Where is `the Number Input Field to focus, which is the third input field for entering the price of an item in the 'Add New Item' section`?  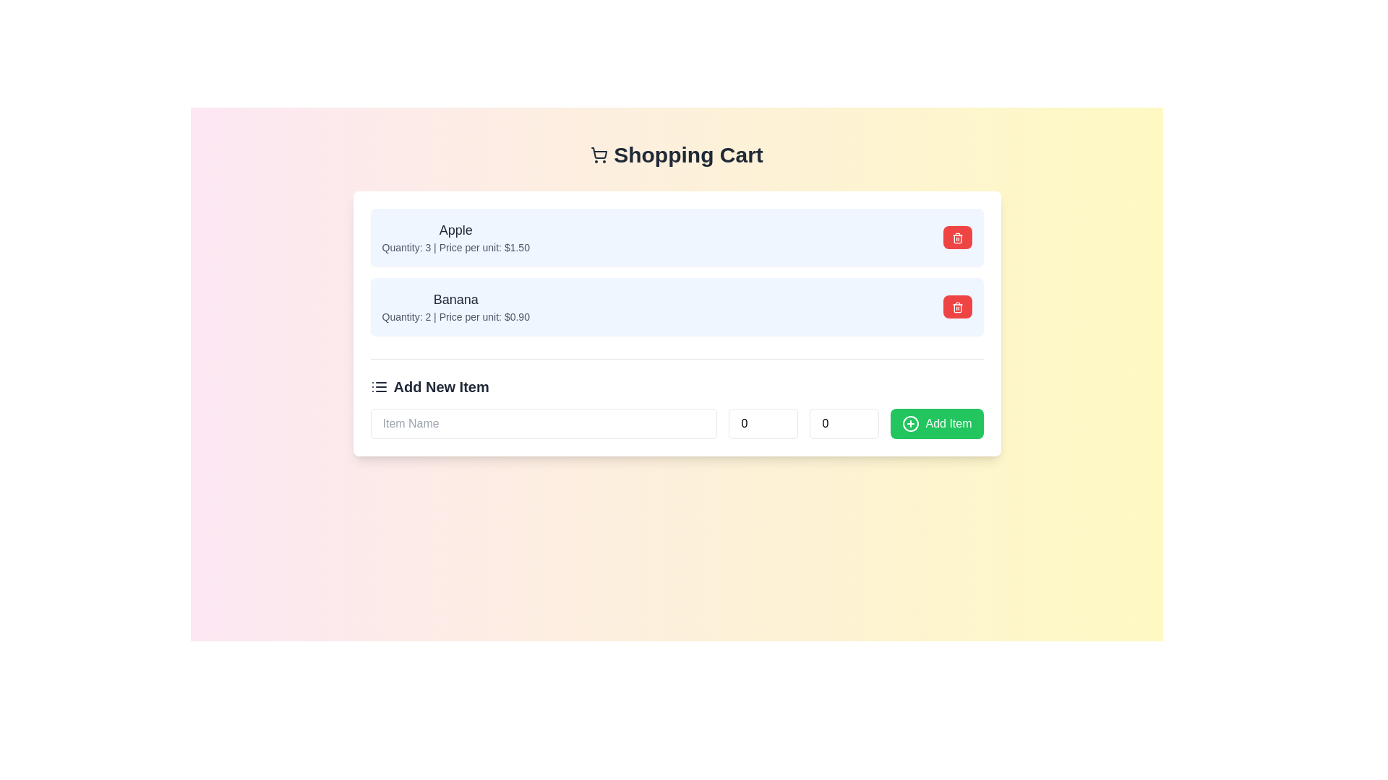 the Number Input Field to focus, which is the third input field for entering the price of an item in the 'Add New Item' section is located at coordinates (844, 422).